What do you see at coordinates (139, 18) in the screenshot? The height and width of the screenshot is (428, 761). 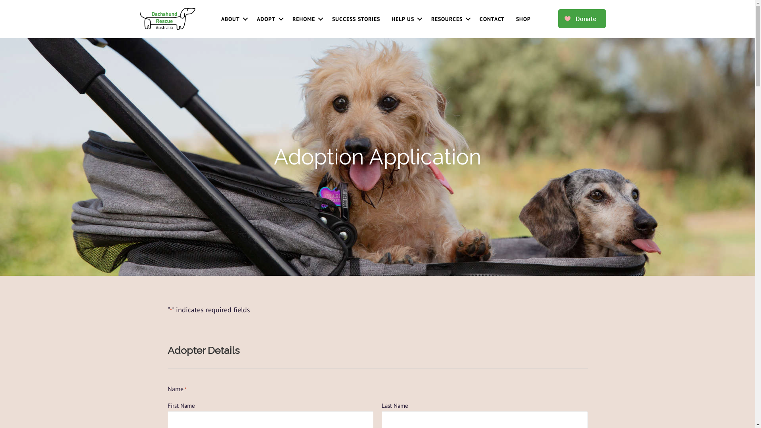 I see `'Logo'` at bounding box center [139, 18].